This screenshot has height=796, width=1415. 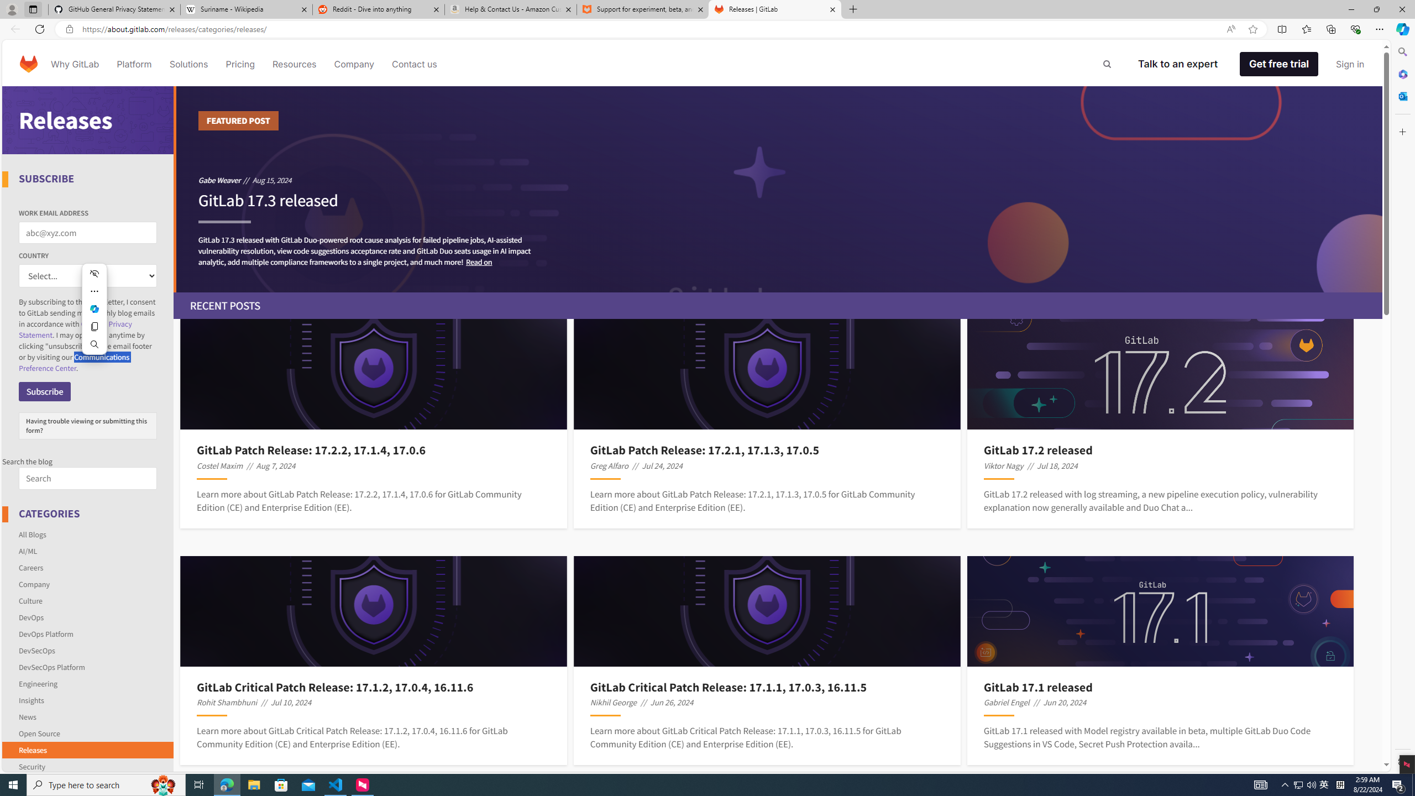 What do you see at coordinates (94, 291) in the screenshot?
I see `'More actions'` at bounding box center [94, 291].